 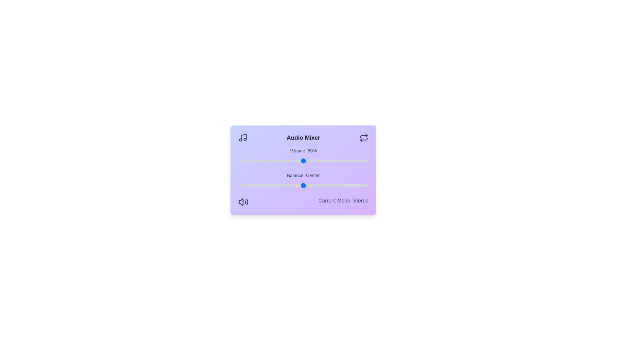 What do you see at coordinates (325, 161) in the screenshot?
I see `the volume to 67%` at bounding box center [325, 161].